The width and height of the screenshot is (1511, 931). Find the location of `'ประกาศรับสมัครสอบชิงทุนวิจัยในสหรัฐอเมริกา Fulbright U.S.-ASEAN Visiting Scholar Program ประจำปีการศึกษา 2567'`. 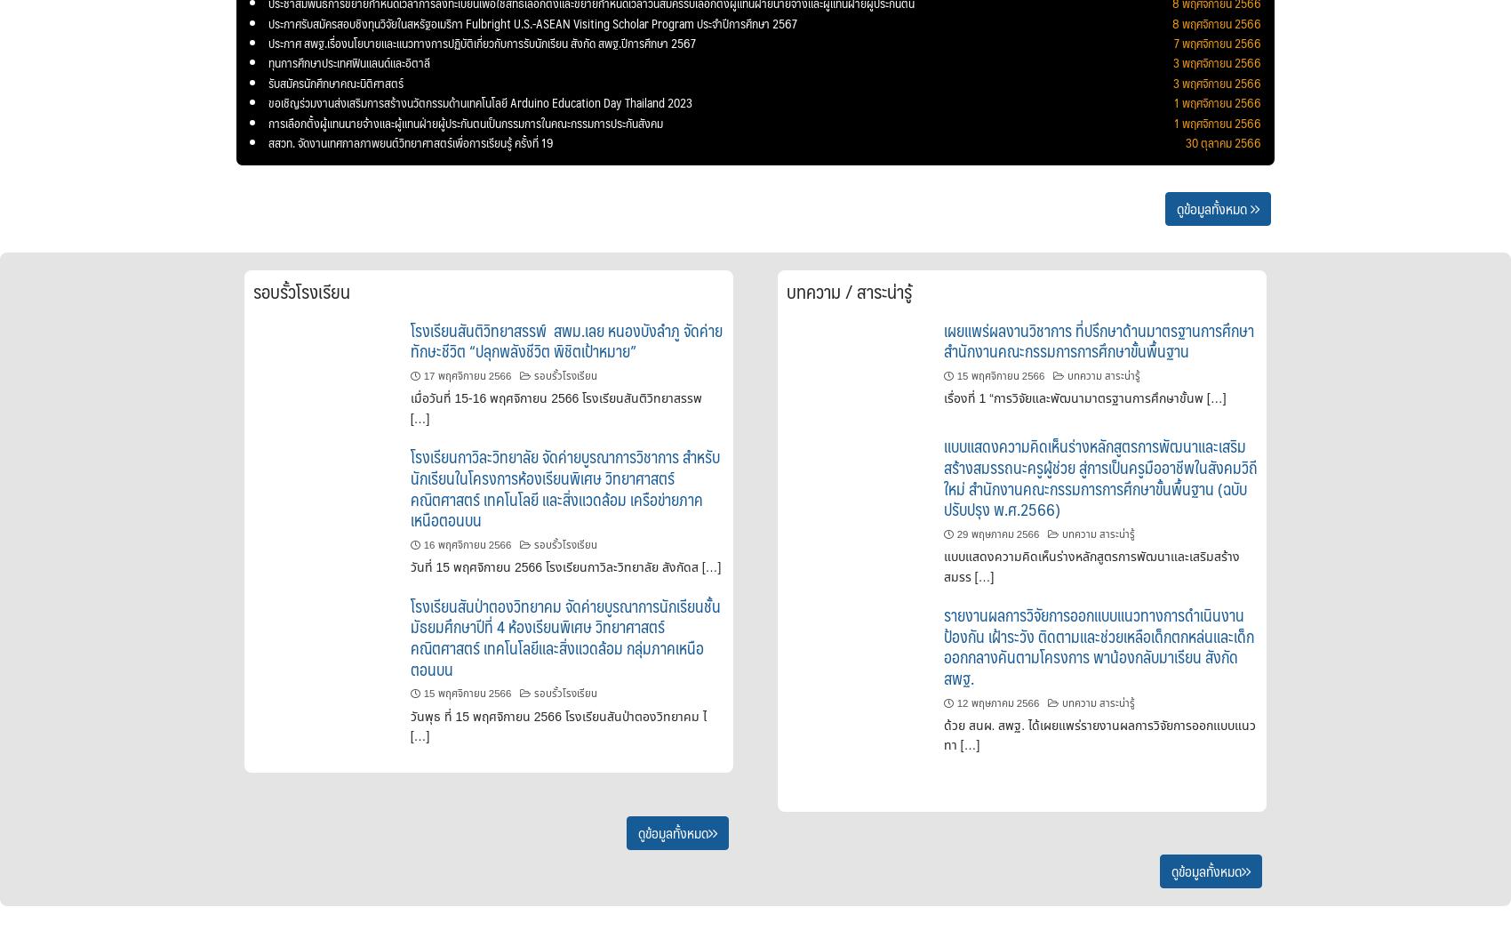

'ประกาศรับสมัครสอบชิงทุนวิจัยในสหรัฐอเมริกา Fulbright U.S.-ASEAN Visiting Scholar Program ประจำปีการศึกษา 2567' is located at coordinates (532, 21).